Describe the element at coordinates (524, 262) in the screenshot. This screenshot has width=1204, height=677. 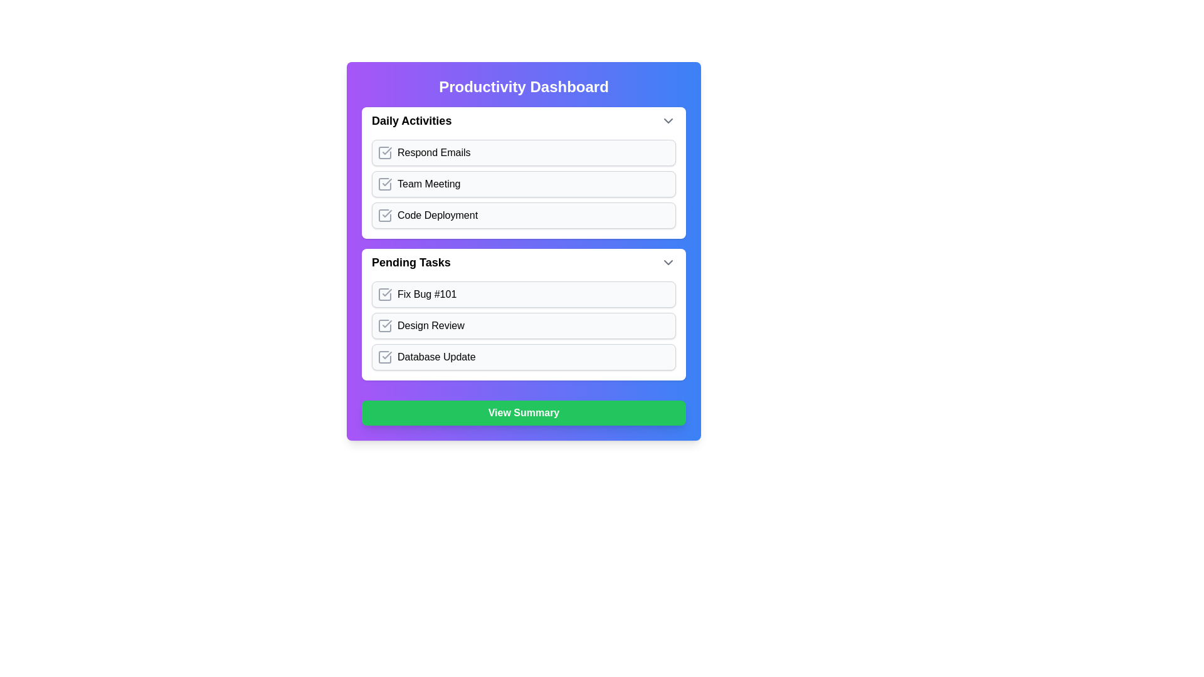
I see `the 'Pending Tasks' section header to enable navigation` at that location.